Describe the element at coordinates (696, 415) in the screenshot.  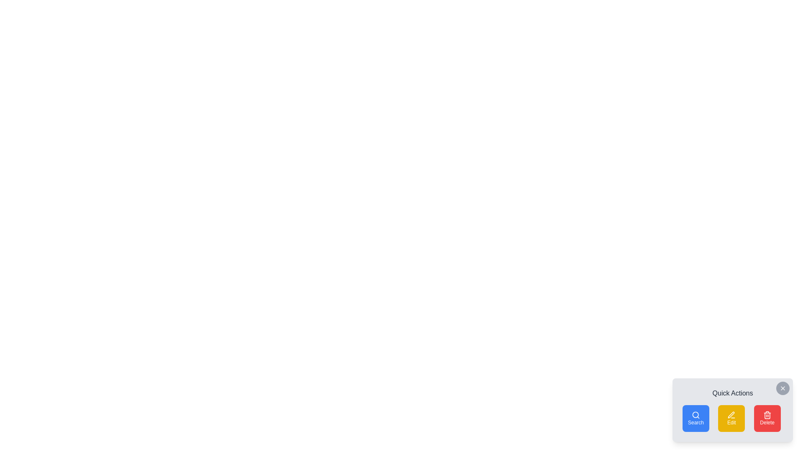
I see `the white magnifying glass icon within the blue circular button labeled 'Search'` at that location.